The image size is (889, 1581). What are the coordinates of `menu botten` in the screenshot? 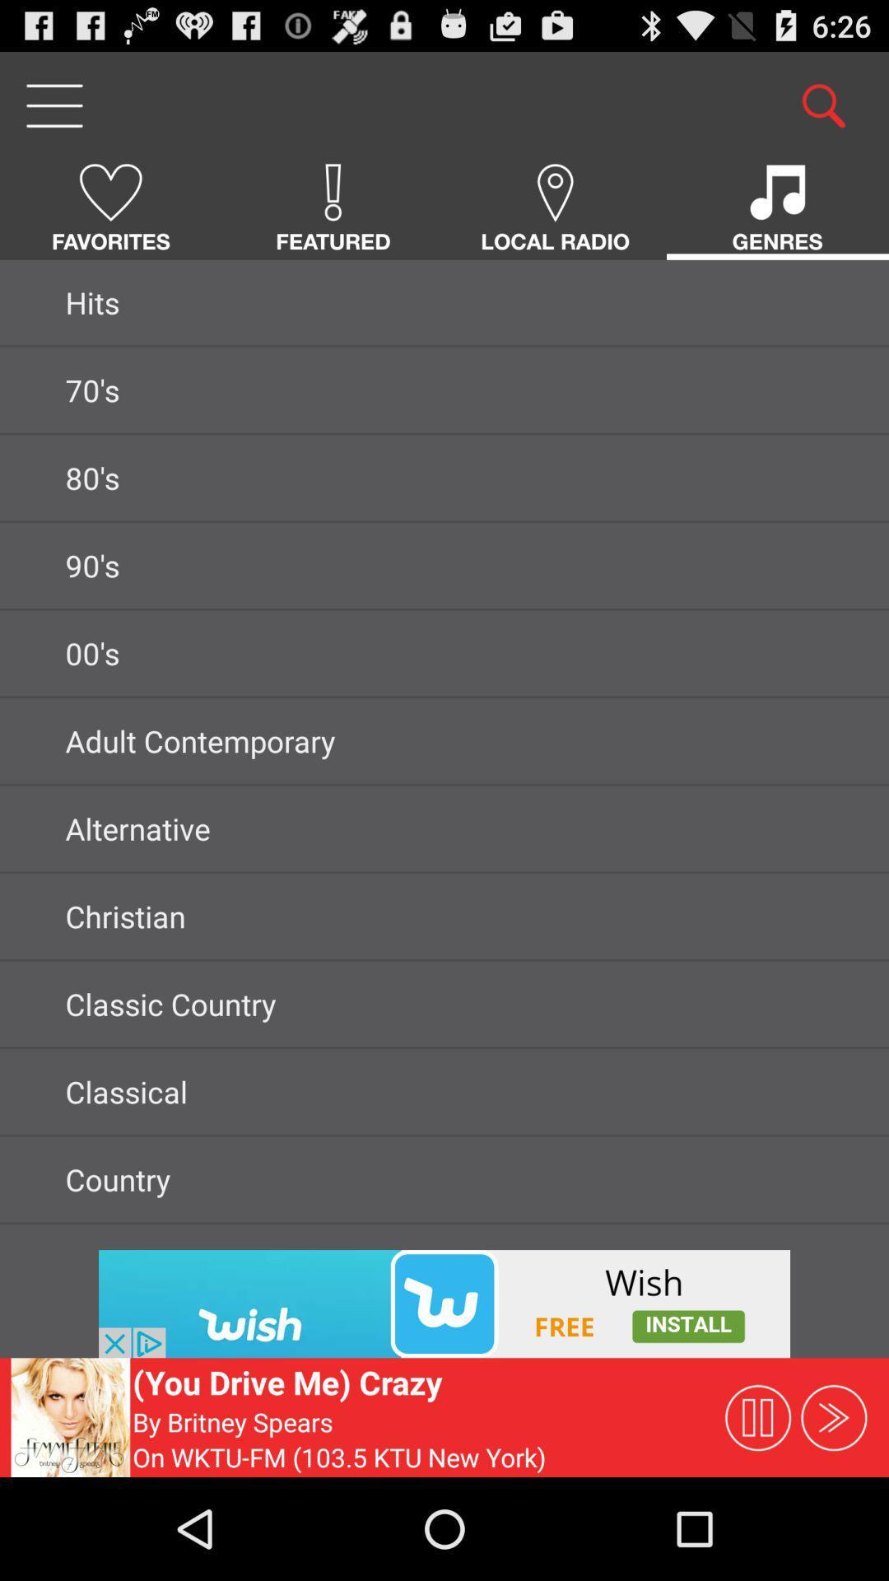 It's located at (53, 105).